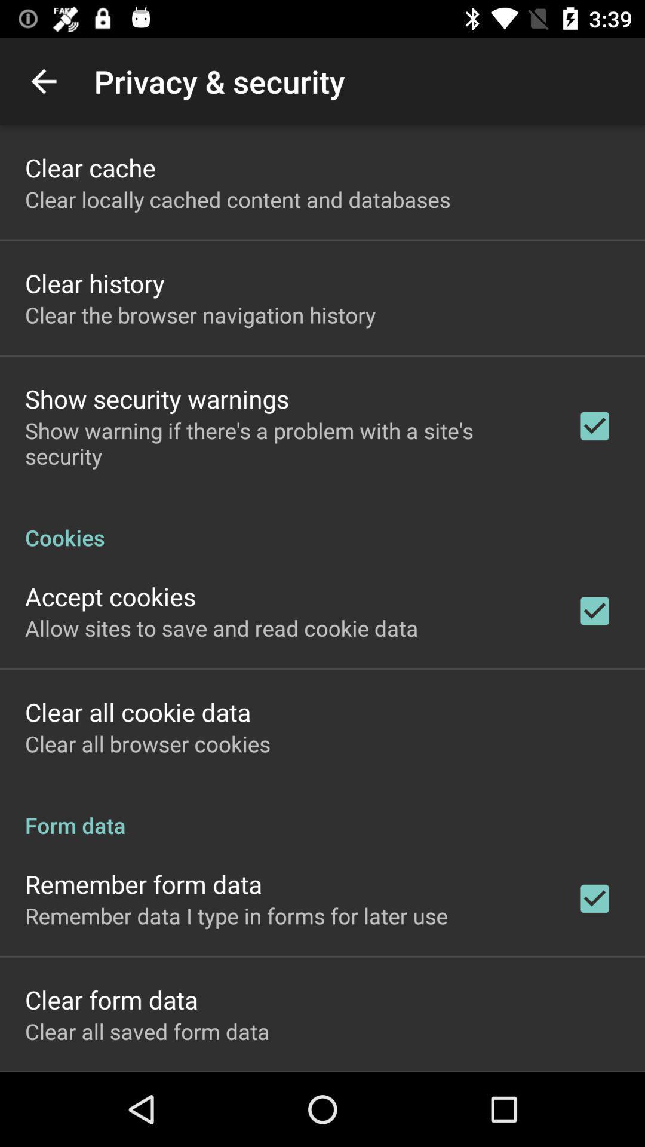 The width and height of the screenshot is (645, 1147). Describe the element at coordinates (43, 81) in the screenshot. I see `app to the left of privacy & security item` at that location.